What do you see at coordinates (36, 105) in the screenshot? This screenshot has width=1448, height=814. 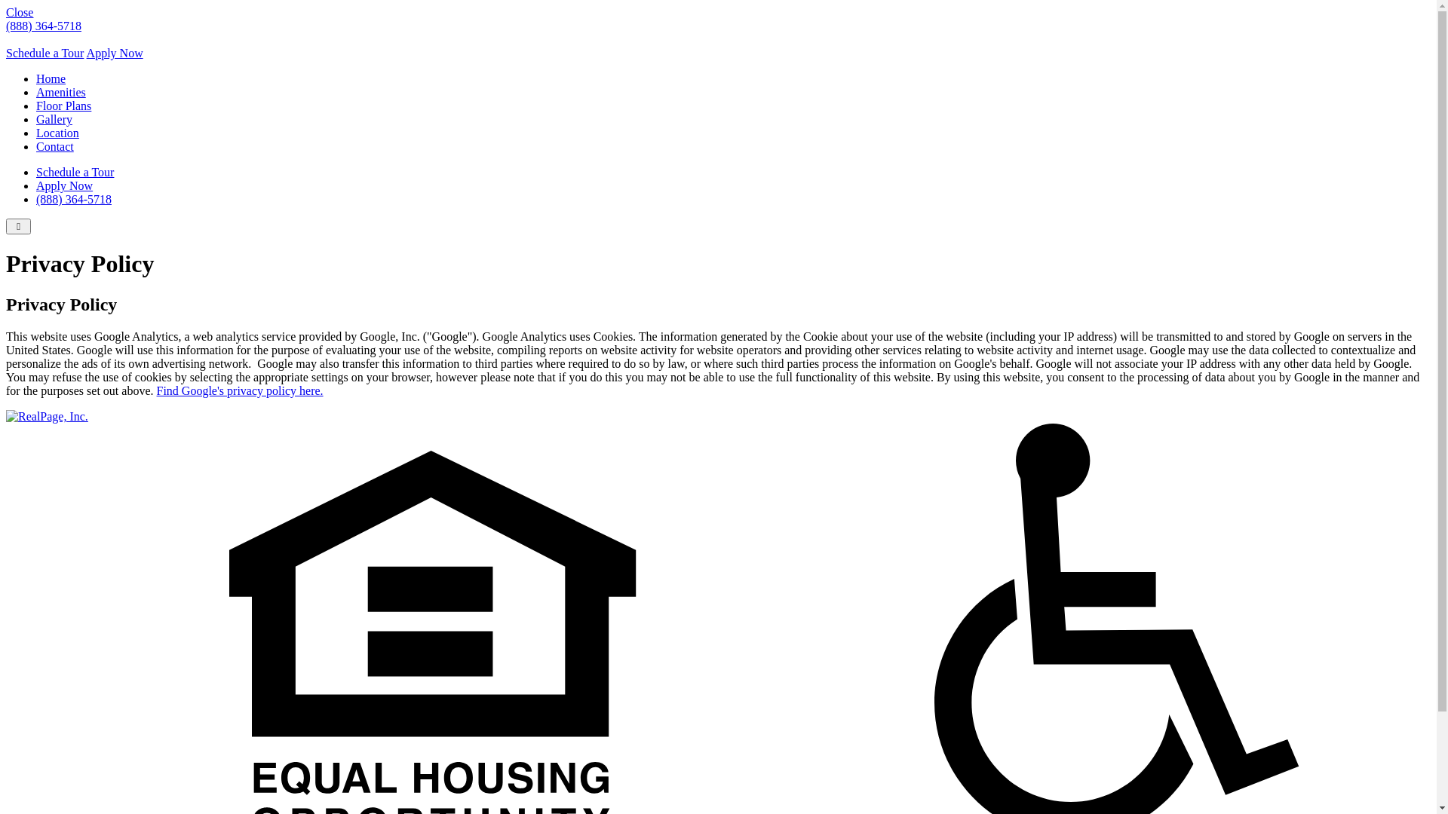 I see `'Floor Plans'` at bounding box center [36, 105].